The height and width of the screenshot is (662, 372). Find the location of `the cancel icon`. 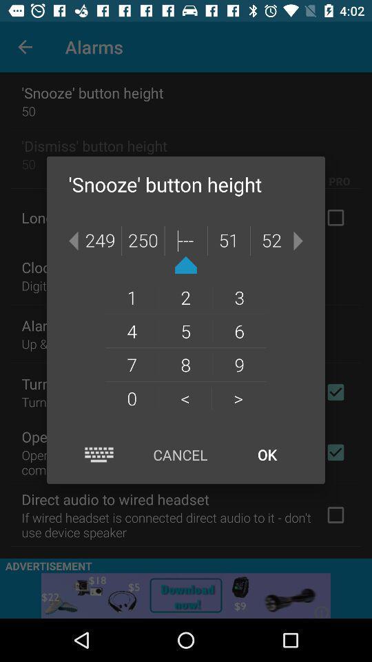

the cancel icon is located at coordinates (180, 454).